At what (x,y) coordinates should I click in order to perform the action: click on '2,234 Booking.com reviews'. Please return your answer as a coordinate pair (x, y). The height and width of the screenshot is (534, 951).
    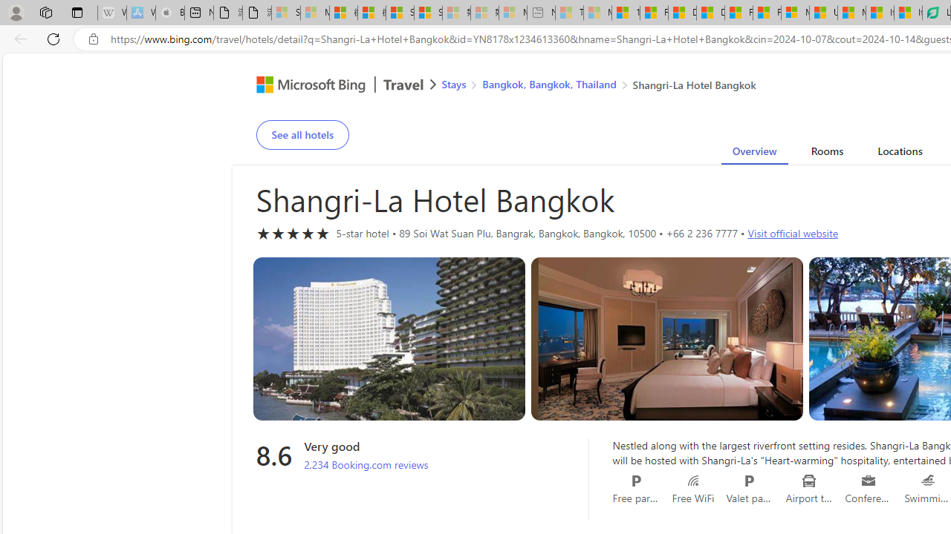
    Looking at the image, I should click on (366, 464).